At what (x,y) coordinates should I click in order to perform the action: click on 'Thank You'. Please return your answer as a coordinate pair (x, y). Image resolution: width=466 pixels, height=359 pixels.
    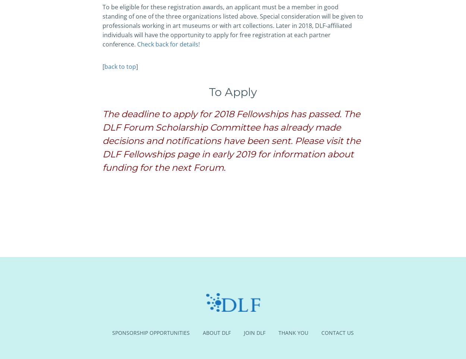
    Looking at the image, I should click on (293, 332).